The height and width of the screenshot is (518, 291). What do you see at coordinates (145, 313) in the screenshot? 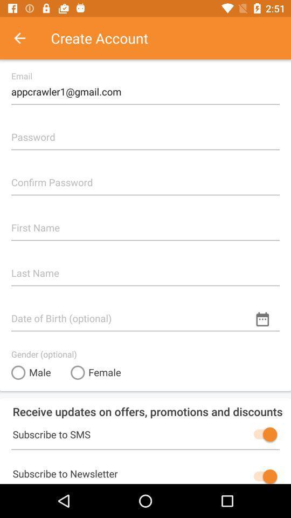
I see `type birth date` at bounding box center [145, 313].